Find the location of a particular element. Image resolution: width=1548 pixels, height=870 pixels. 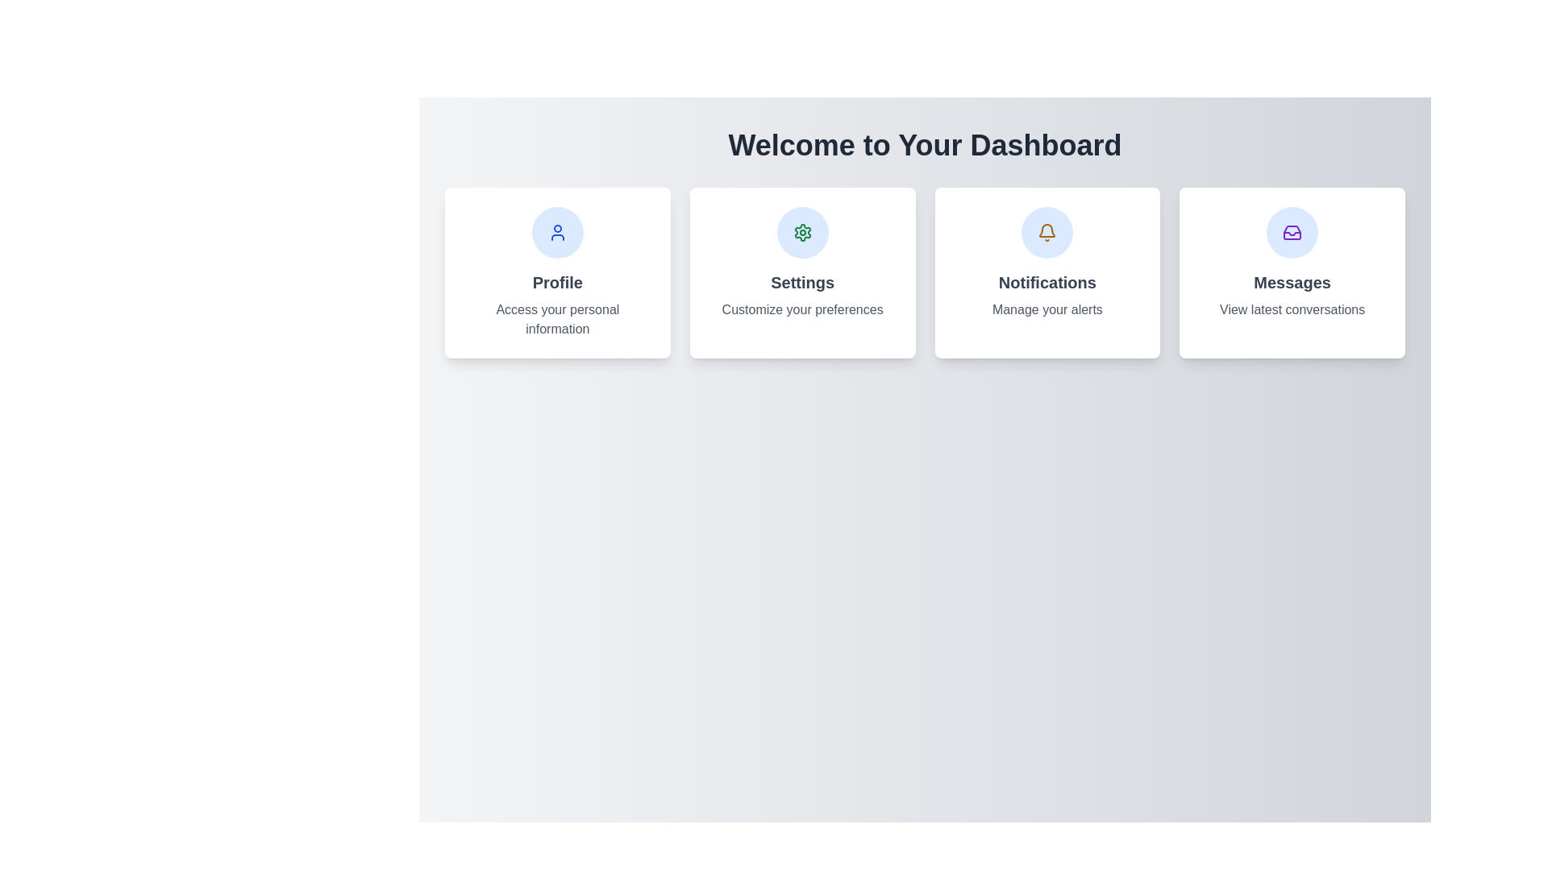

the SVG inbox icon, which is styled in purple and resembles an open tray with rounded edges, located on the far right of the row of cards on the dashboard is located at coordinates (1292, 233).